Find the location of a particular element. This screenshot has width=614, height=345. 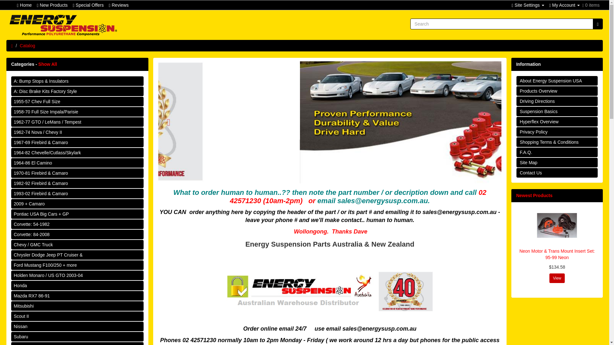

'Privacy Policy' is located at coordinates (557, 131).